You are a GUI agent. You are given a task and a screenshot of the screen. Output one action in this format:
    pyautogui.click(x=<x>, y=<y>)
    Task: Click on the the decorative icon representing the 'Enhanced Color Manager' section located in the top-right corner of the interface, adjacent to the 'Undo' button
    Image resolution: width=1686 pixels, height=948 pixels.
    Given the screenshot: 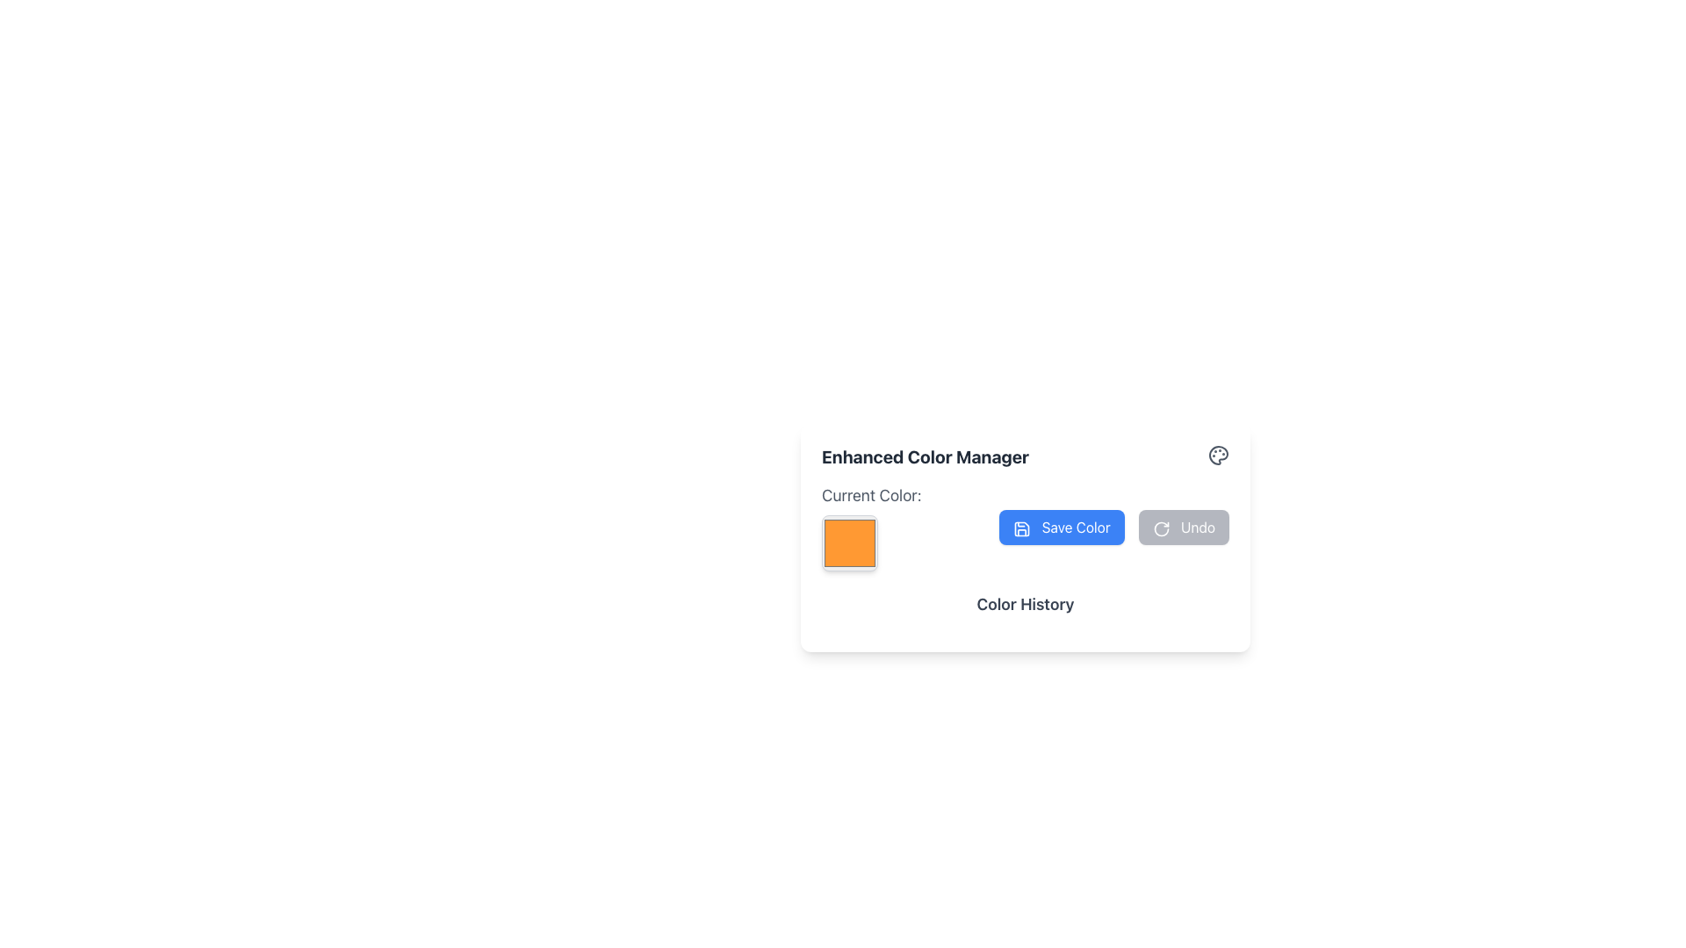 What is the action you would take?
    pyautogui.click(x=1217, y=455)
    